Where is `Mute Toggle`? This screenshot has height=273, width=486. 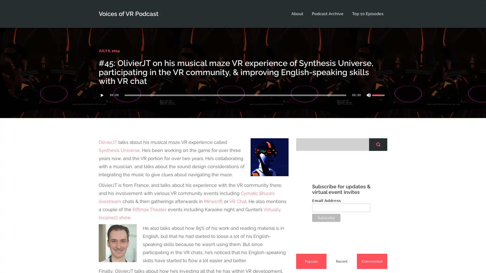 Mute Toggle is located at coordinates (369, 95).